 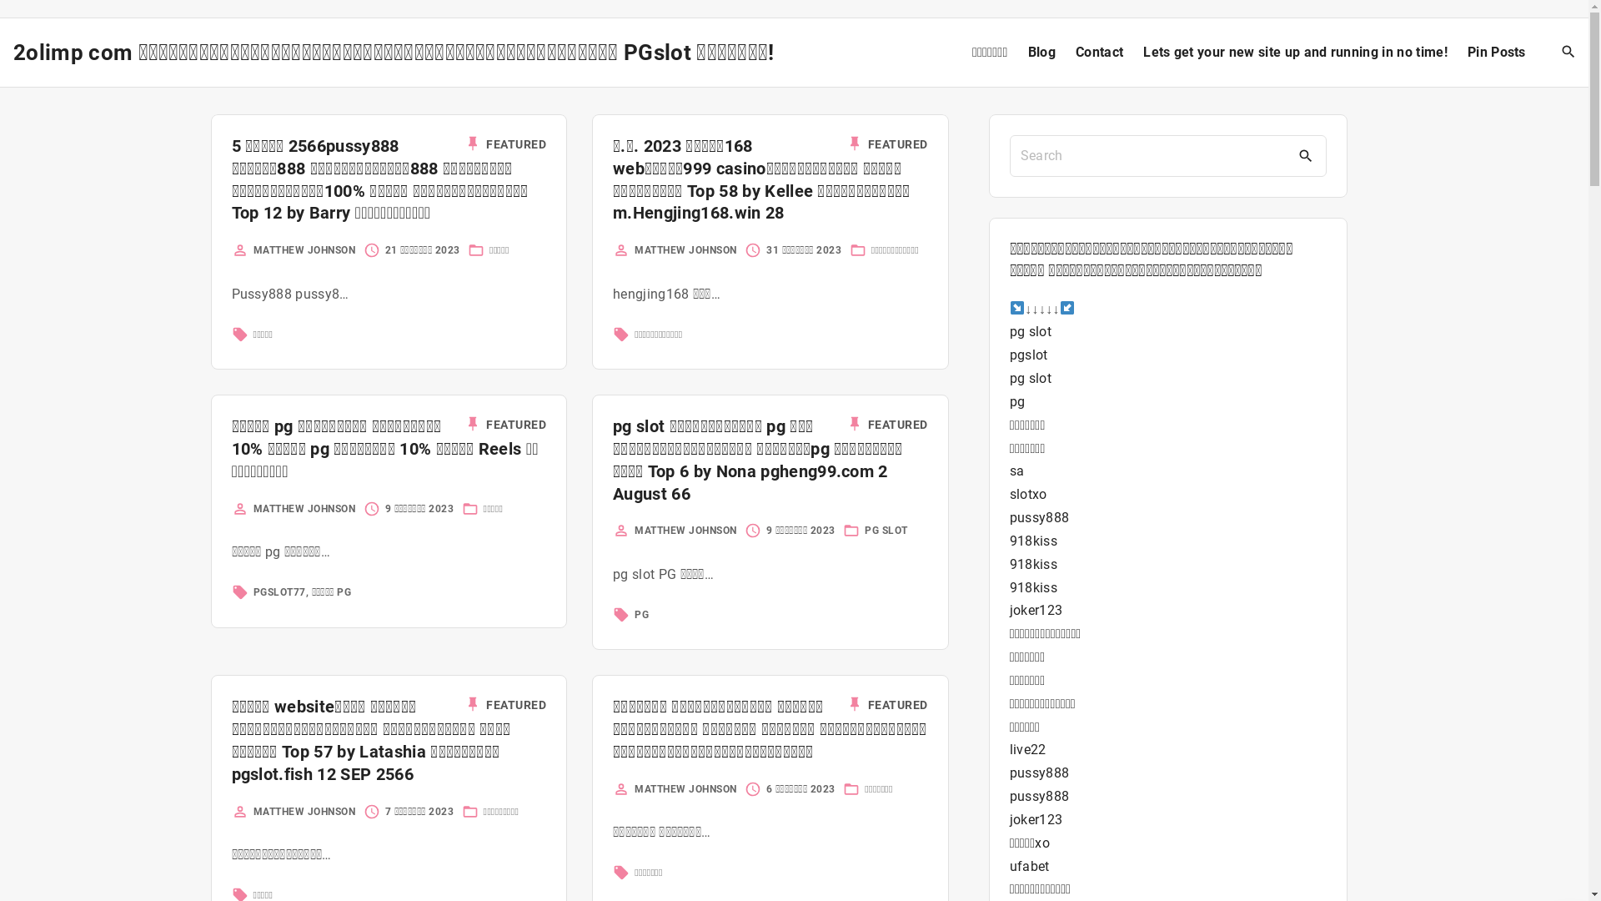 I want to click on 'ufabet', so click(x=1008, y=864).